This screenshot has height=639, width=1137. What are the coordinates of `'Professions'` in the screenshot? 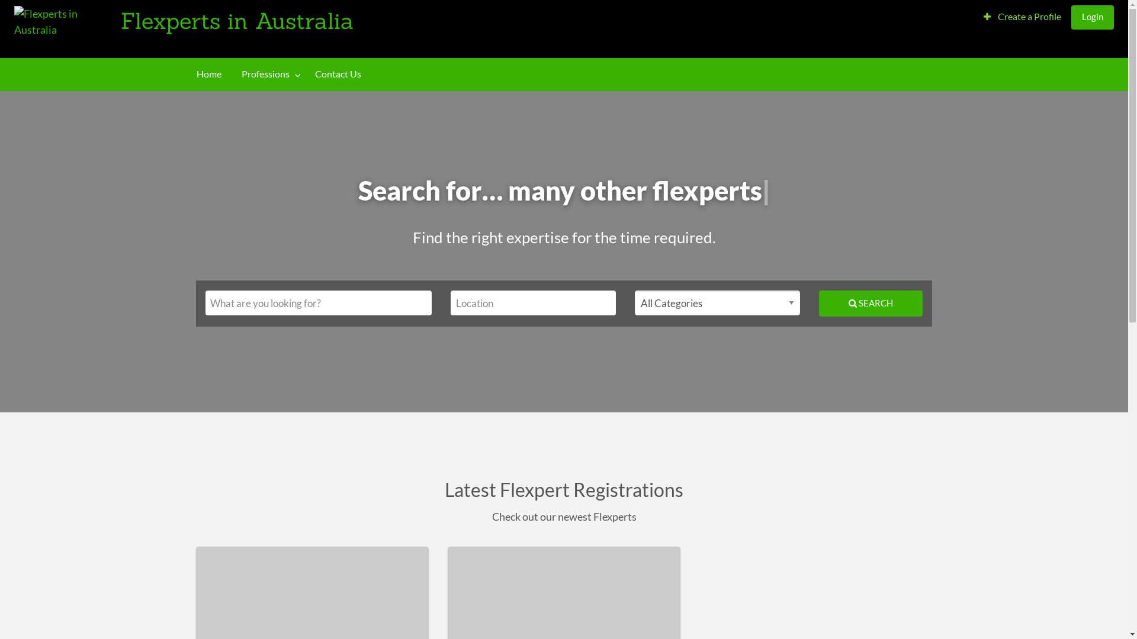 It's located at (267, 74).